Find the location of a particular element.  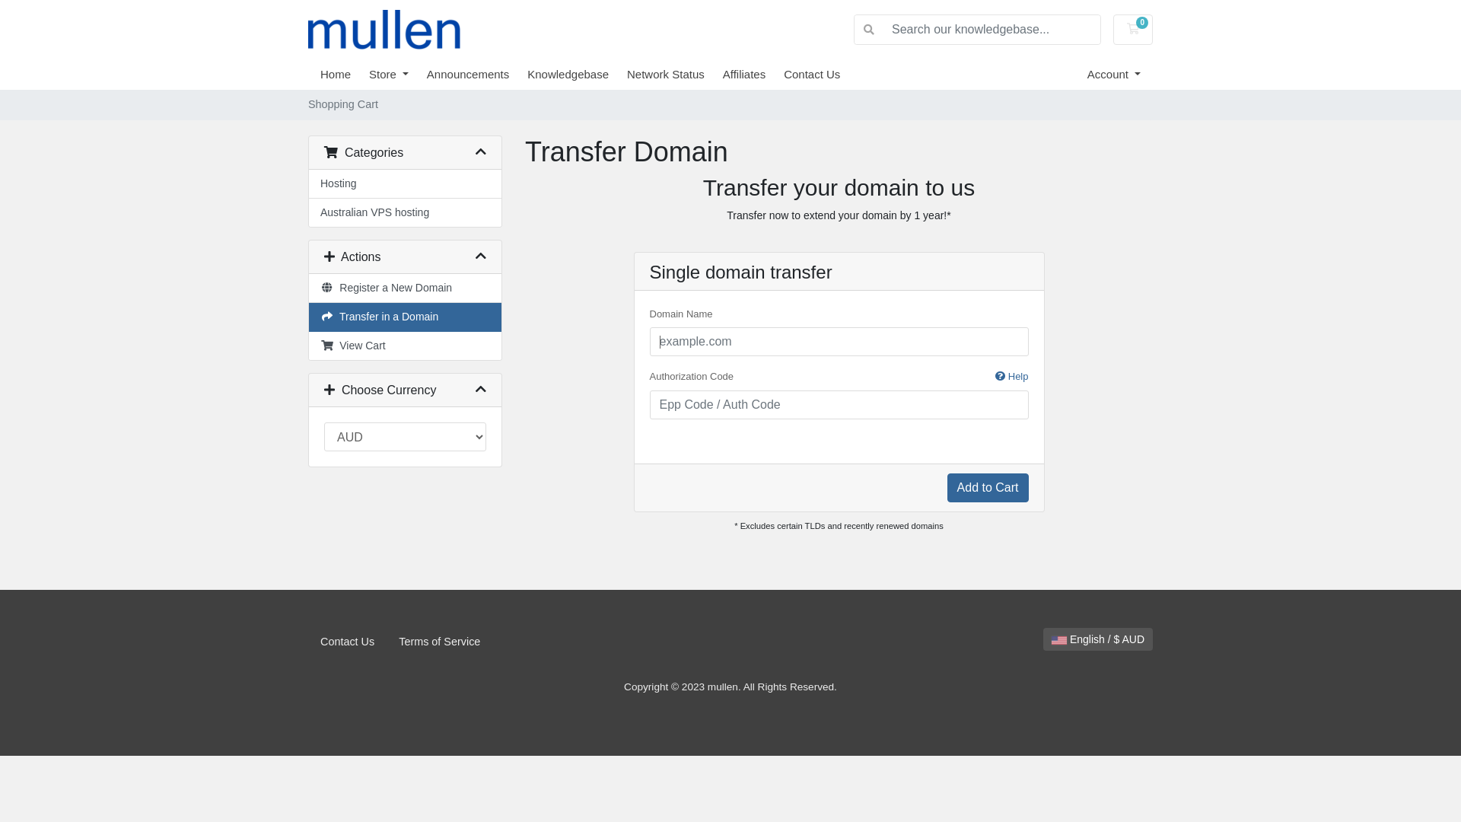

'Home' is located at coordinates (320, 74).